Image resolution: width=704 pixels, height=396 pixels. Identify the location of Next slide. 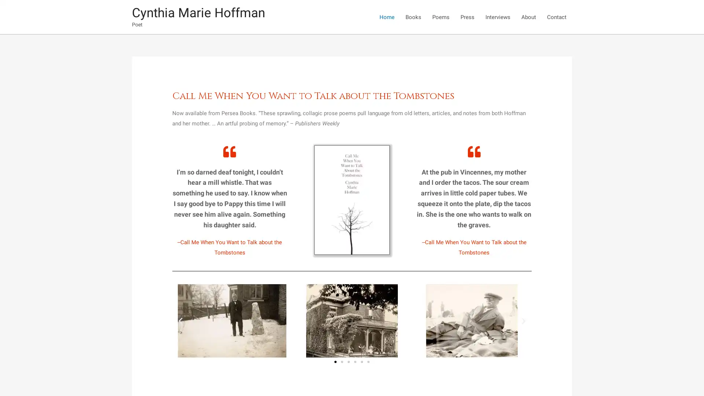
(522, 320).